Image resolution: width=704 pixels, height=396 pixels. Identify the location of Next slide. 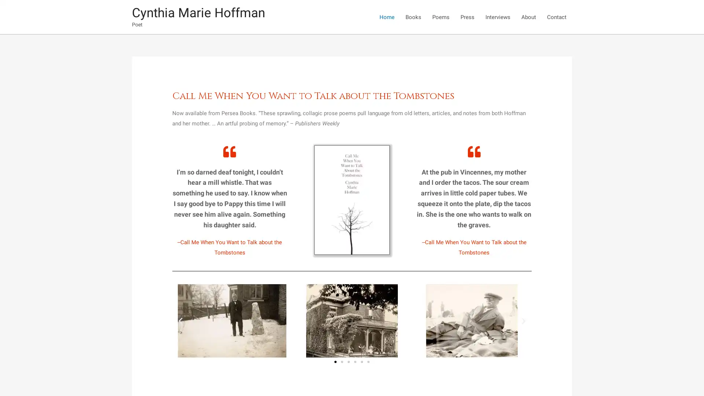
(522, 320).